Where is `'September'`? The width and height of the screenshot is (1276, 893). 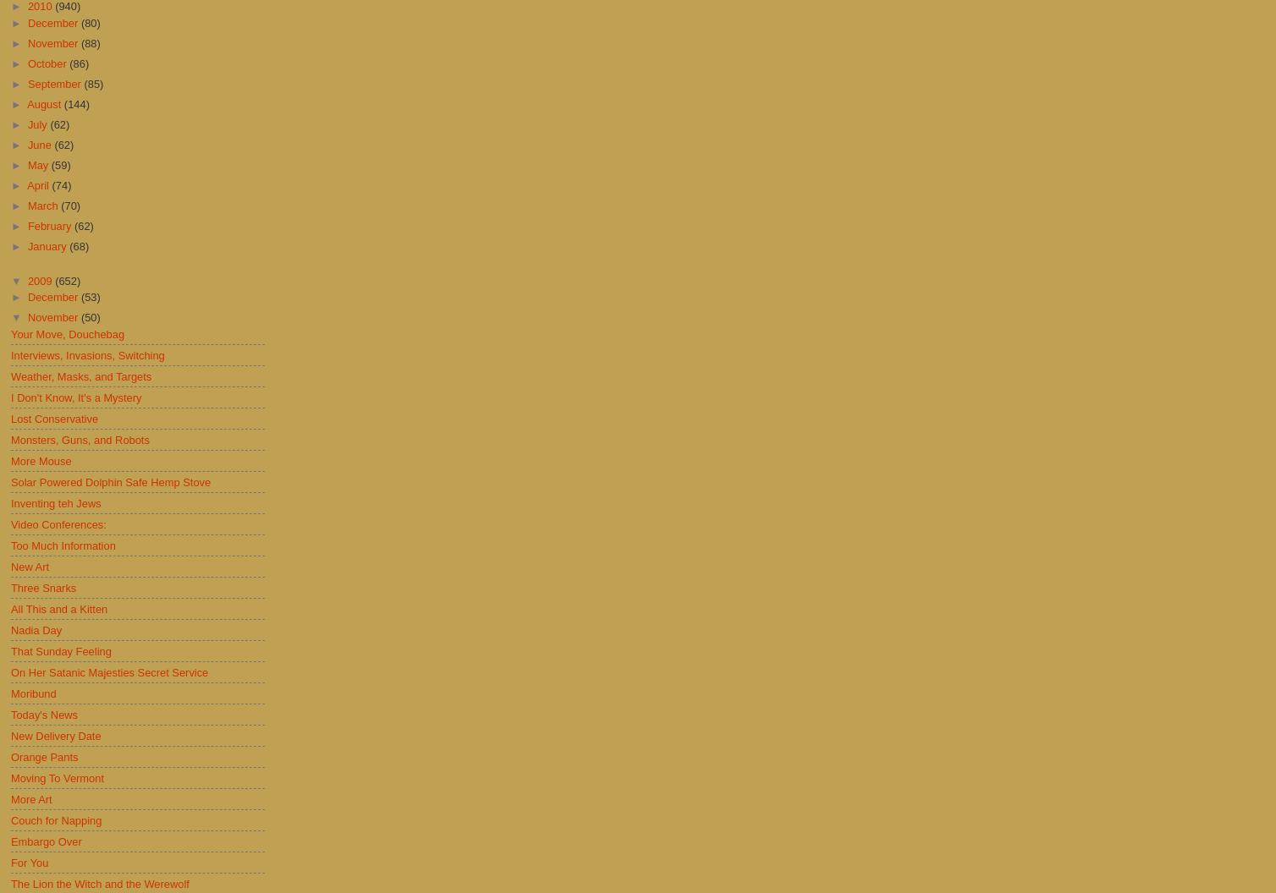 'September' is located at coordinates (55, 82).